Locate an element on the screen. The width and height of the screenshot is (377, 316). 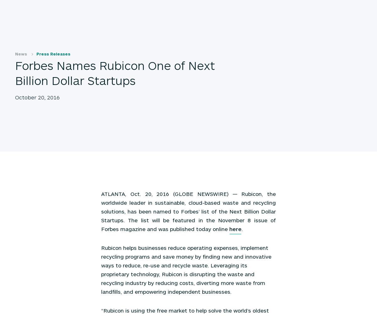
'Sustainability Hub' is located at coordinates (258, 19).